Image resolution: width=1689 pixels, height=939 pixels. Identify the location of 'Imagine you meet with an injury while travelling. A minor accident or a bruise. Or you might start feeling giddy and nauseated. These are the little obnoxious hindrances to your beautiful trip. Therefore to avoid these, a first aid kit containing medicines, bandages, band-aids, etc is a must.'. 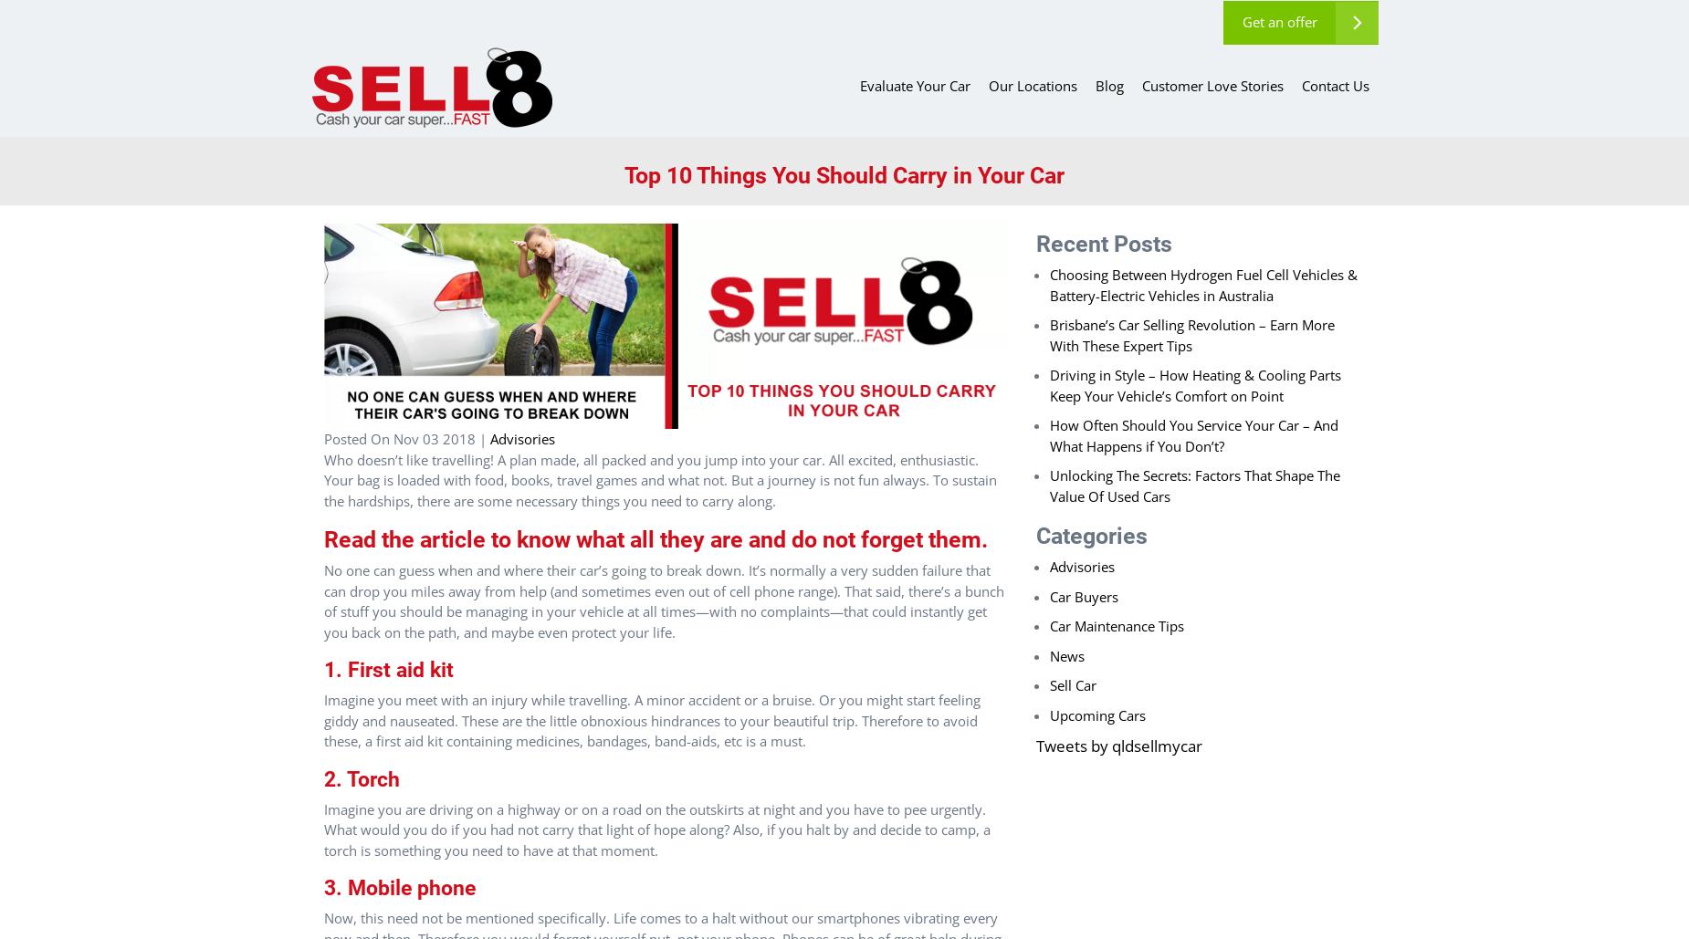
(652, 720).